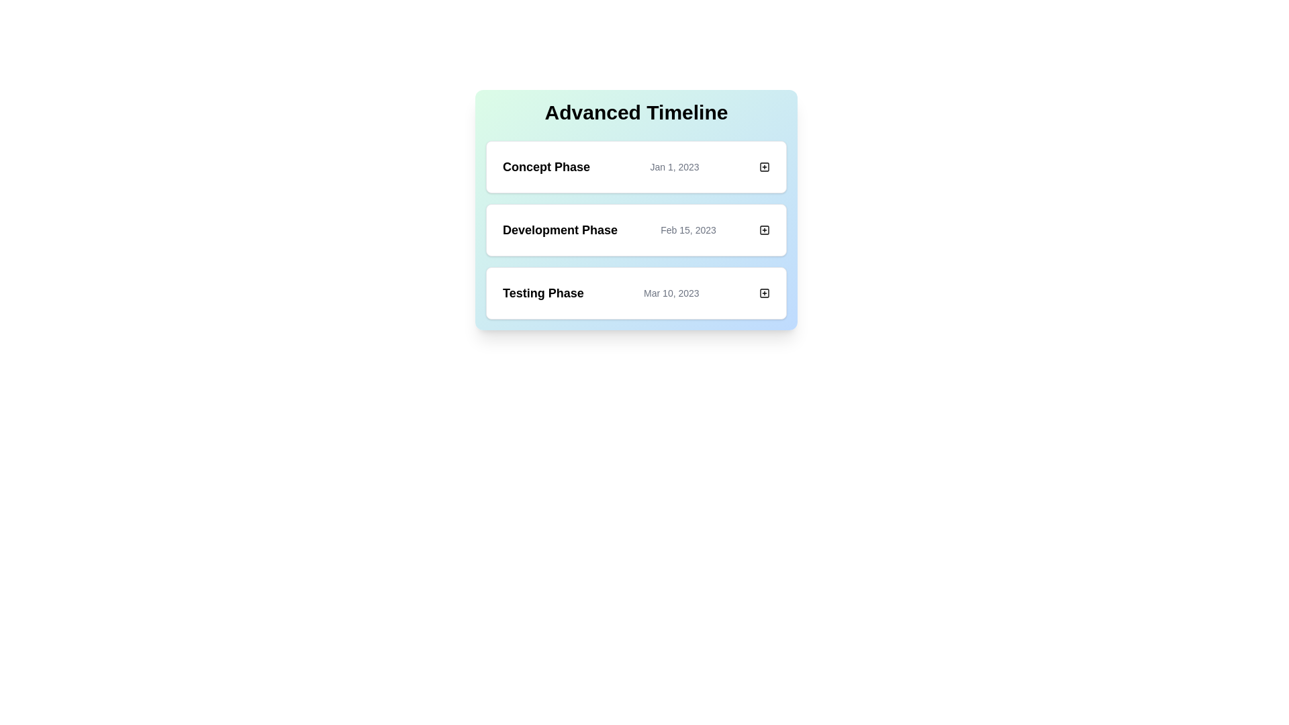  What do you see at coordinates (764, 230) in the screenshot?
I see `the small square-shaped red-bordered button located on the right side of the 'Development Phase' row in the timeline list for interaction` at bounding box center [764, 230].